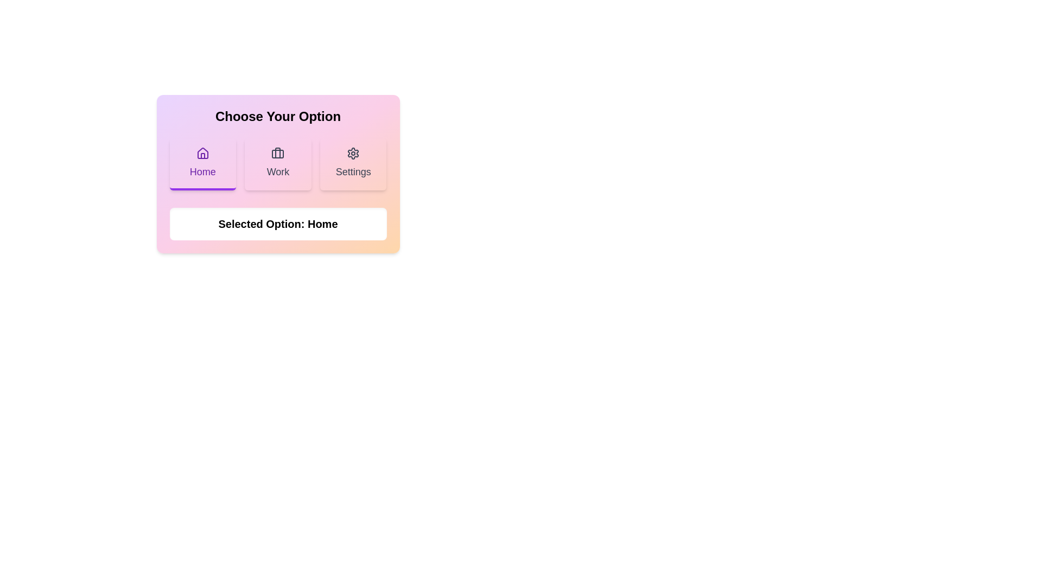  Describe the element at coordinates (353, 153) in the screenshot. I see `the cog-shaped gear icon located inside the Settings button, which is the third button in a row of three buttons below the heading 'Choose Your Option'` at that location.